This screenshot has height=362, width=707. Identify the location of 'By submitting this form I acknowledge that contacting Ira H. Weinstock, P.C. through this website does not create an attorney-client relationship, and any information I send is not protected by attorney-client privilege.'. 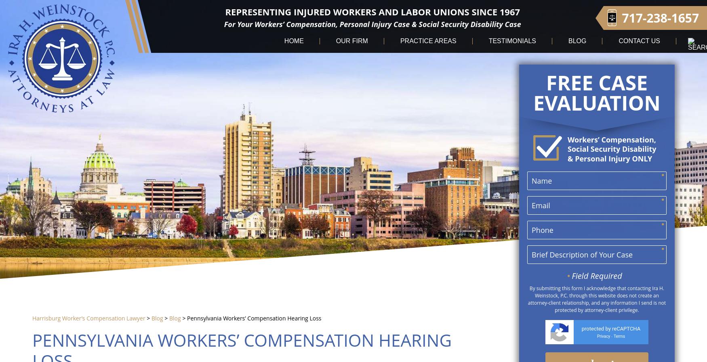
(527, 299).